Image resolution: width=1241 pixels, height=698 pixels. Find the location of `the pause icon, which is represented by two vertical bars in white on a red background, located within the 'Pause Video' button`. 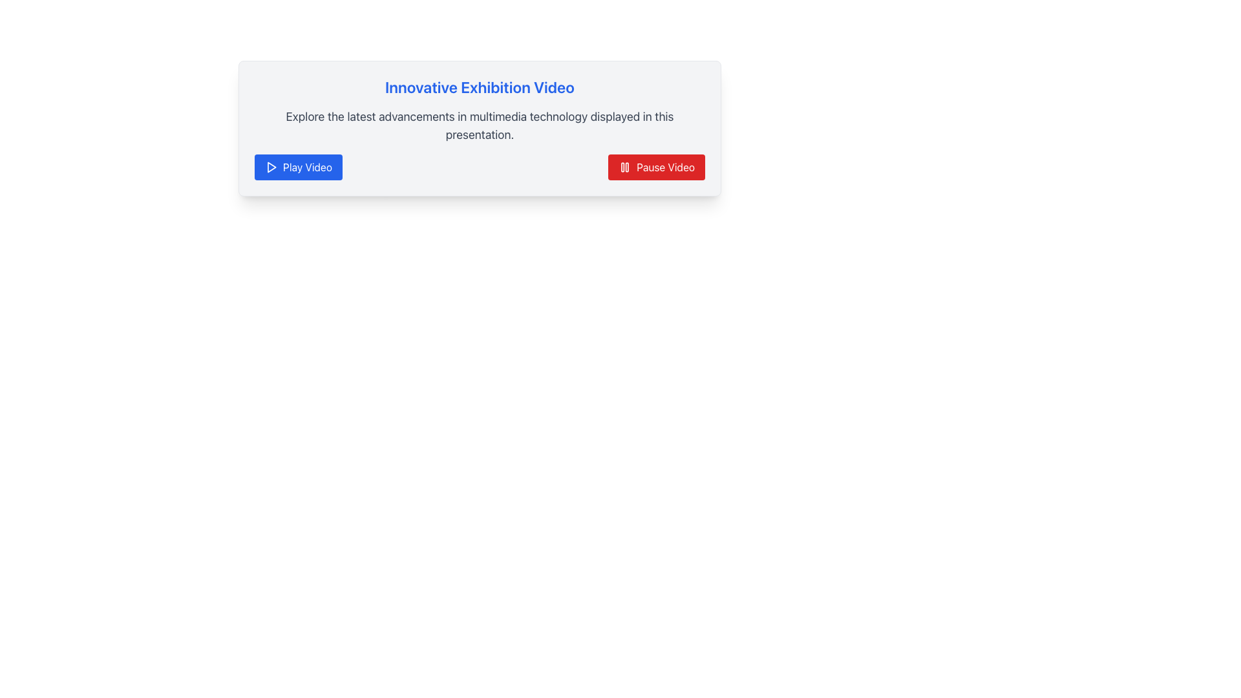

the pause icon, which is represented by two vertical bars in white on a red background, located within the 'Pause Video' button is located at coordinates (625, 166).